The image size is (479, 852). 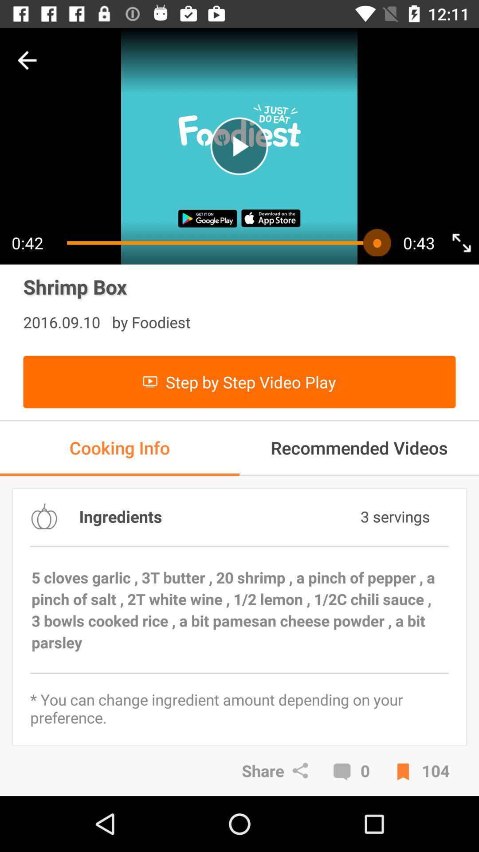 I want to click on exton page, so click(x=461, y=243).